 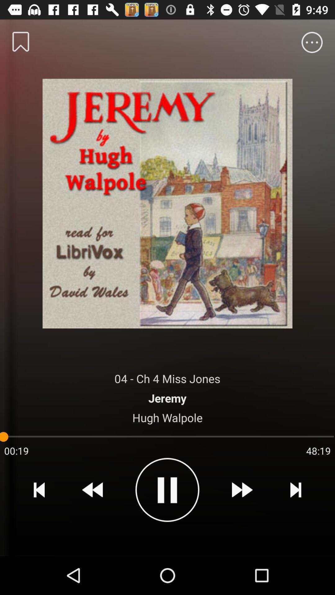 What do you see at coordinates (20, 41) in the screenshot?
I see `the bookmark icon` at bounding box center [20, 41].